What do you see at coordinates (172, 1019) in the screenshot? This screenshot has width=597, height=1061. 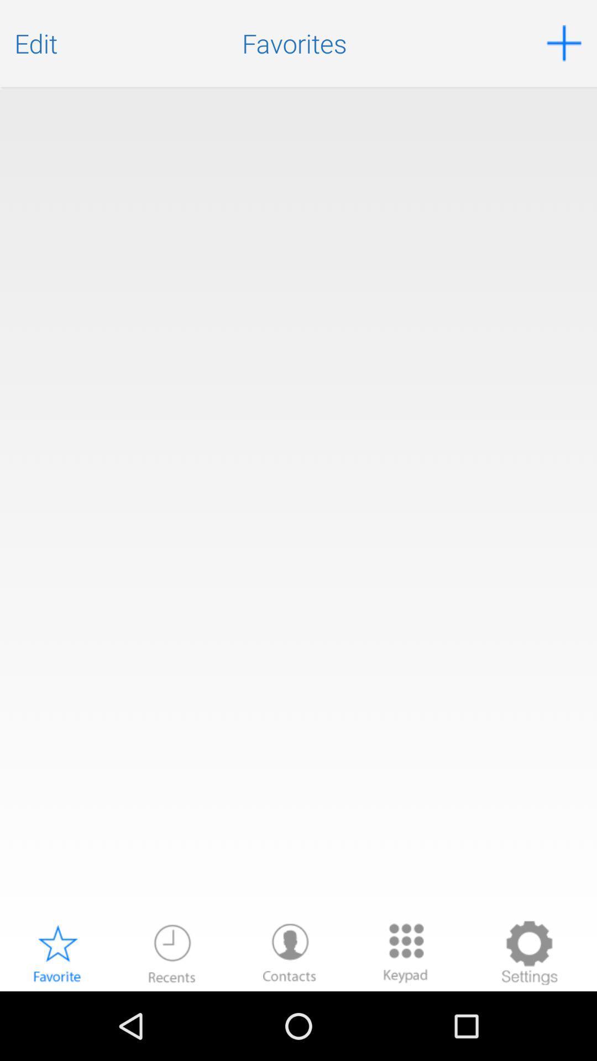 I see `the time icon` at bounding box center [172, 1019].